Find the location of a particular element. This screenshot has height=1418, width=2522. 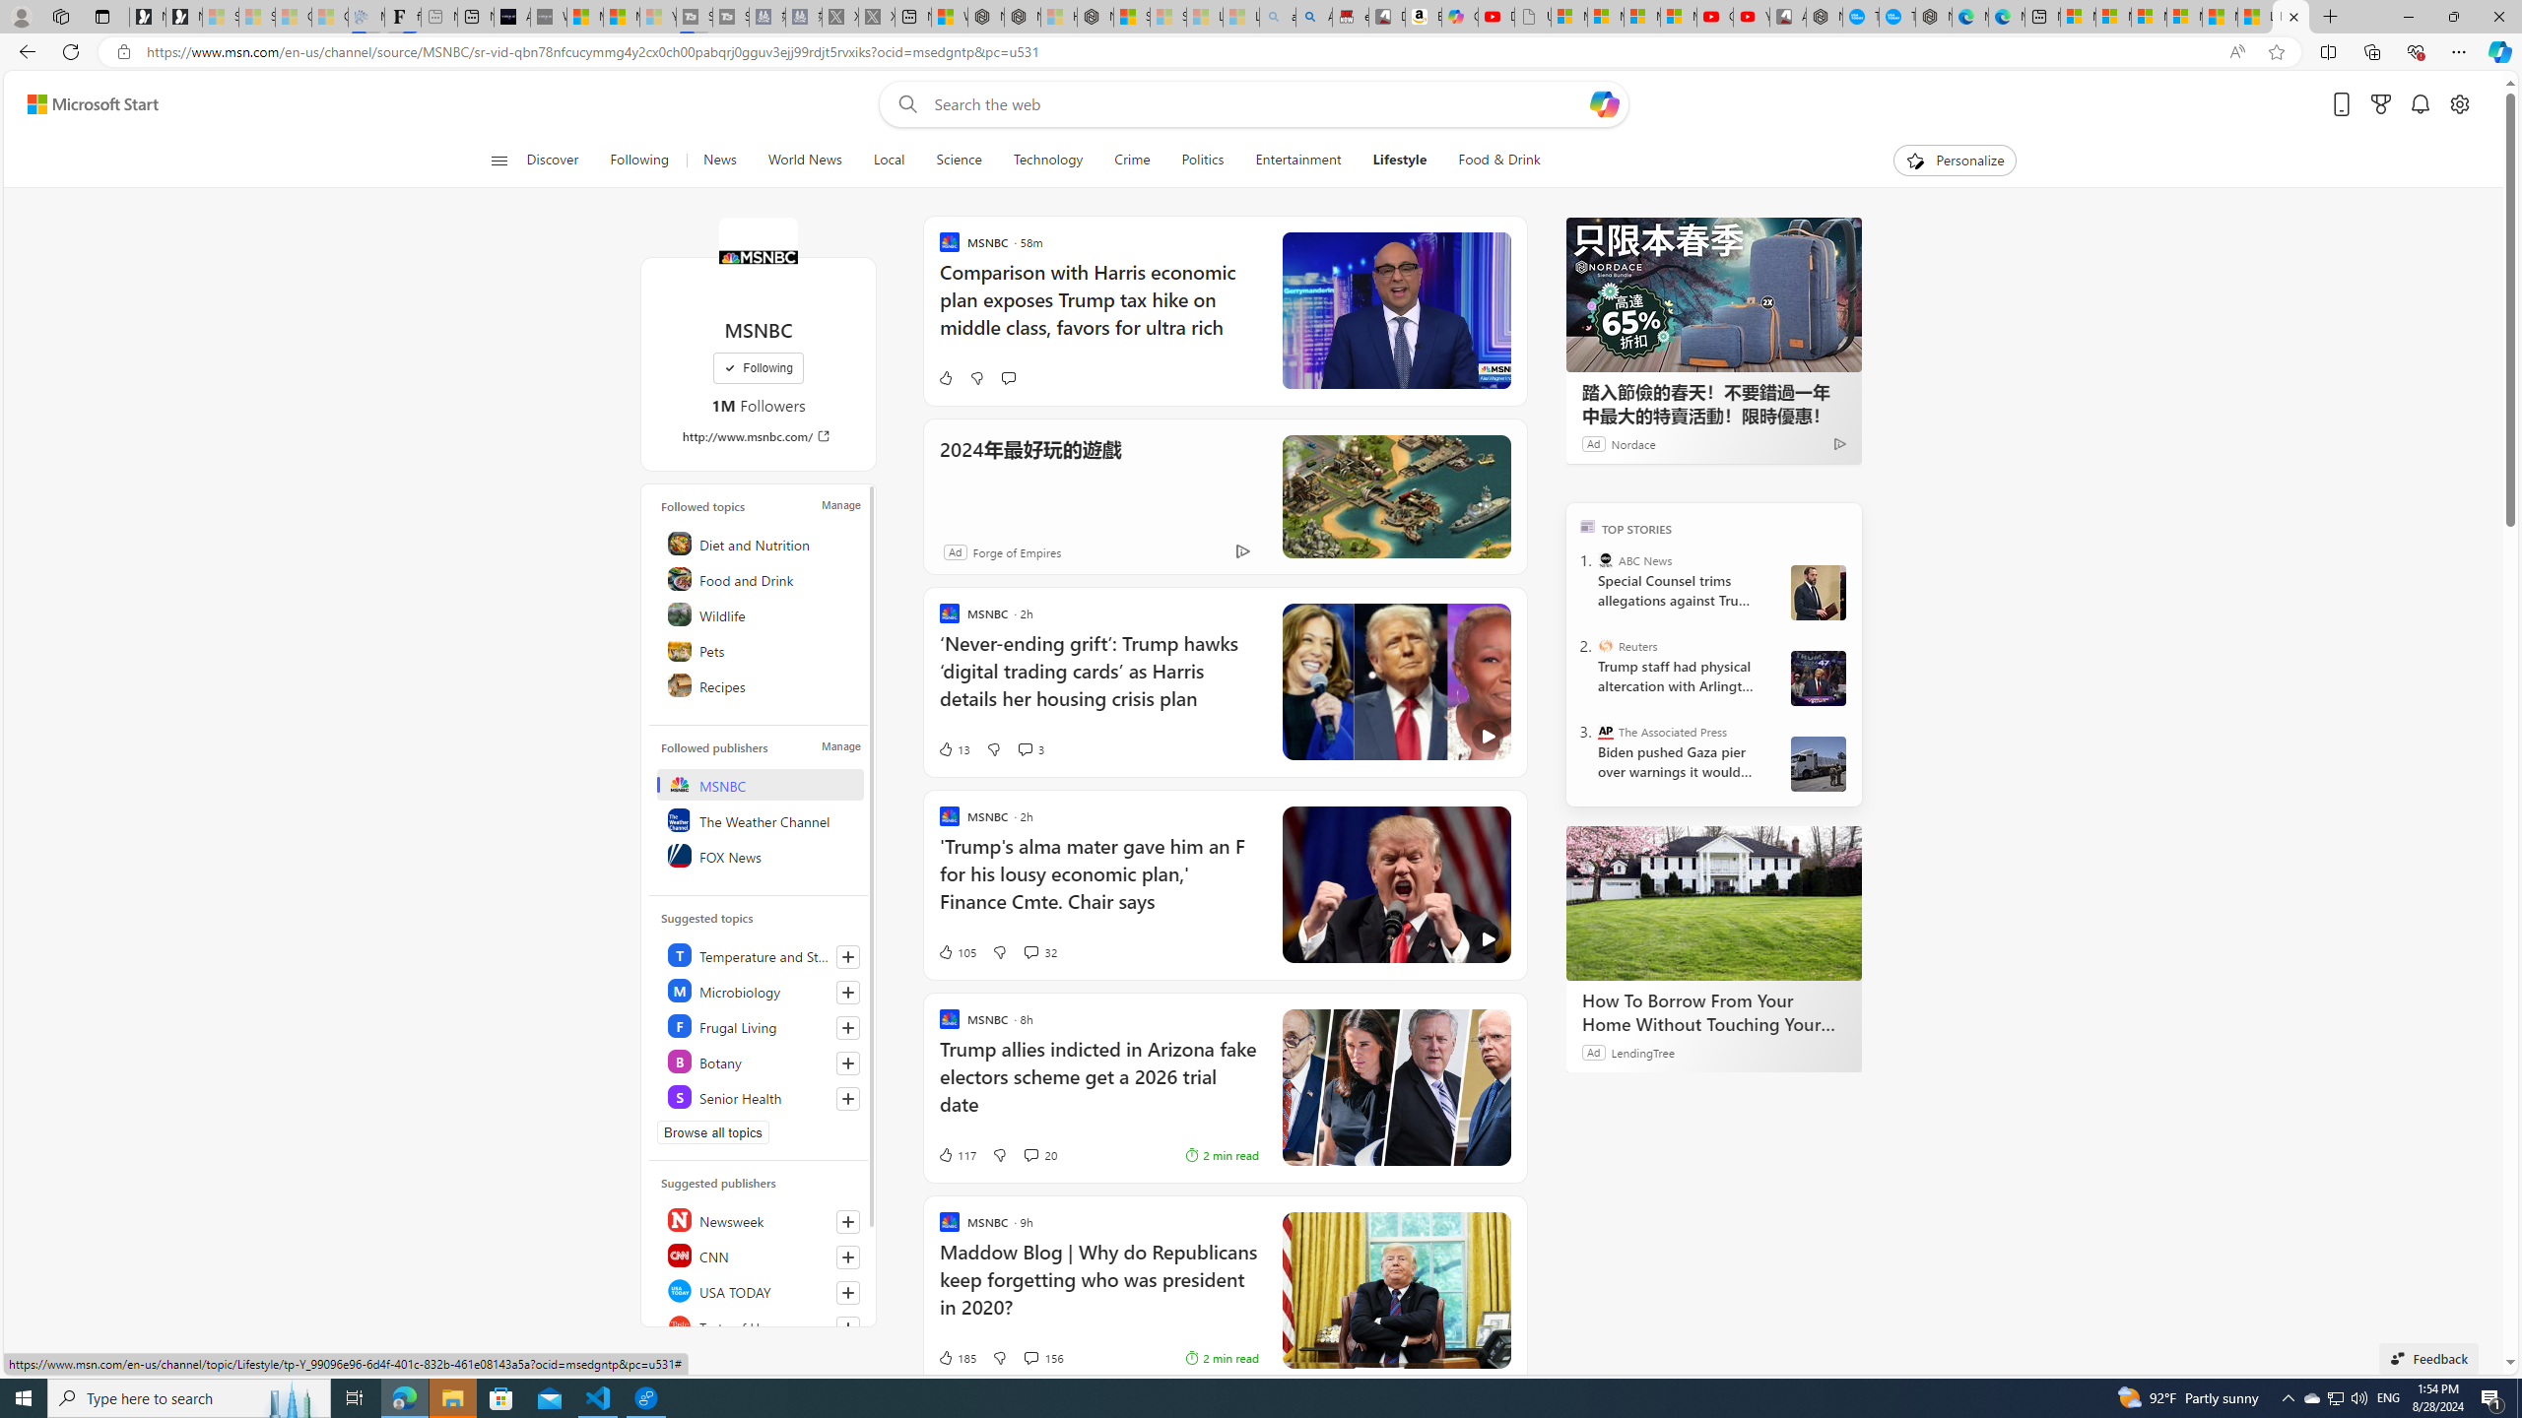

'Nordace - My Account' is located at coordinates (1824, 16).